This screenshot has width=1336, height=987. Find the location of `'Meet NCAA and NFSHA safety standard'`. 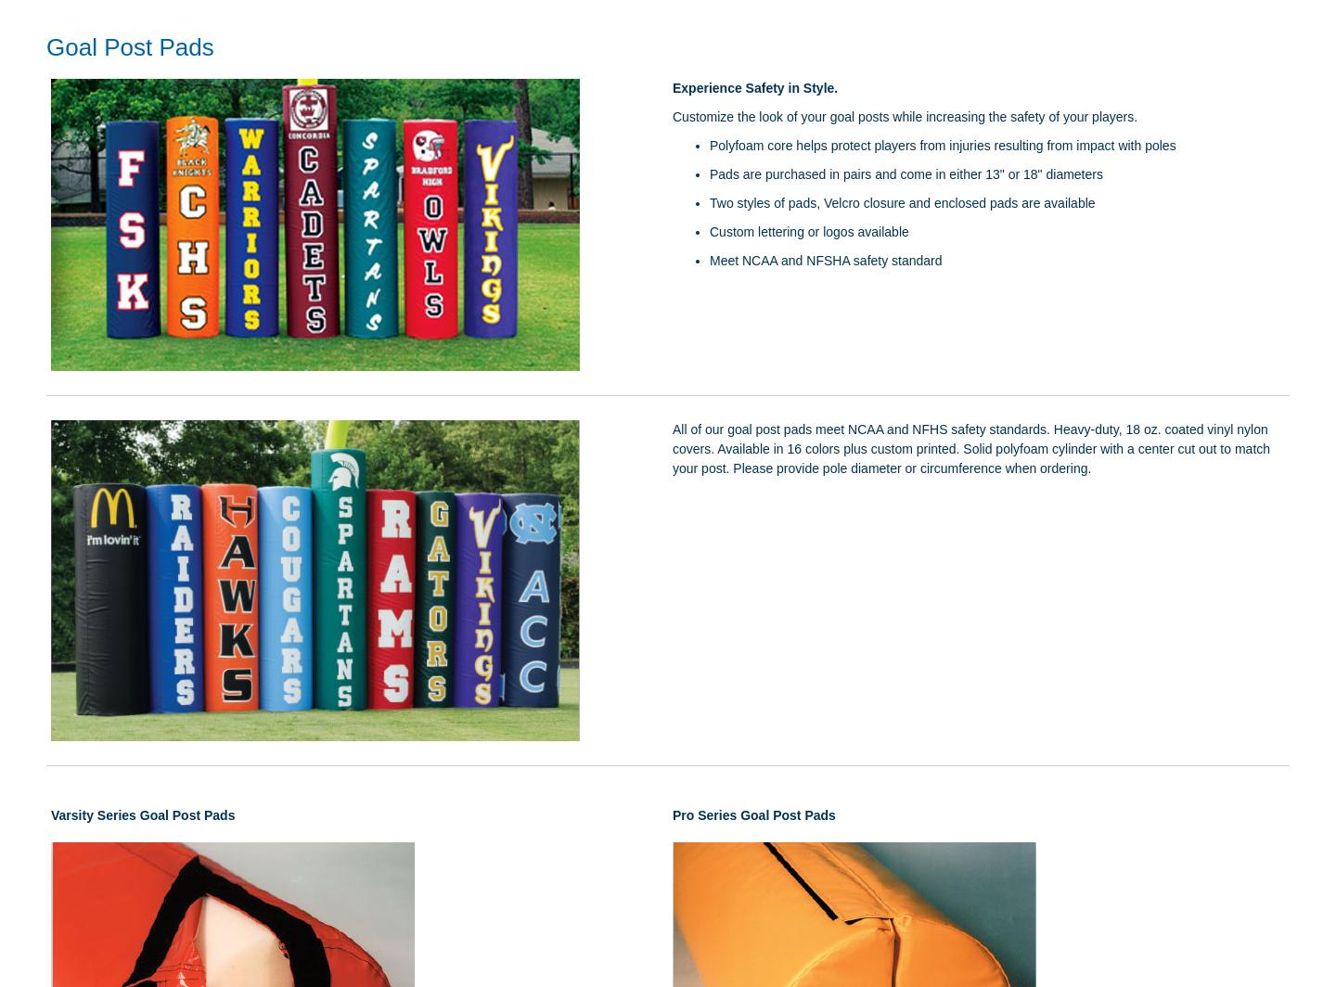

'Meet NCAA and NFSHA safety standard' is located at coordinates (825, 261).